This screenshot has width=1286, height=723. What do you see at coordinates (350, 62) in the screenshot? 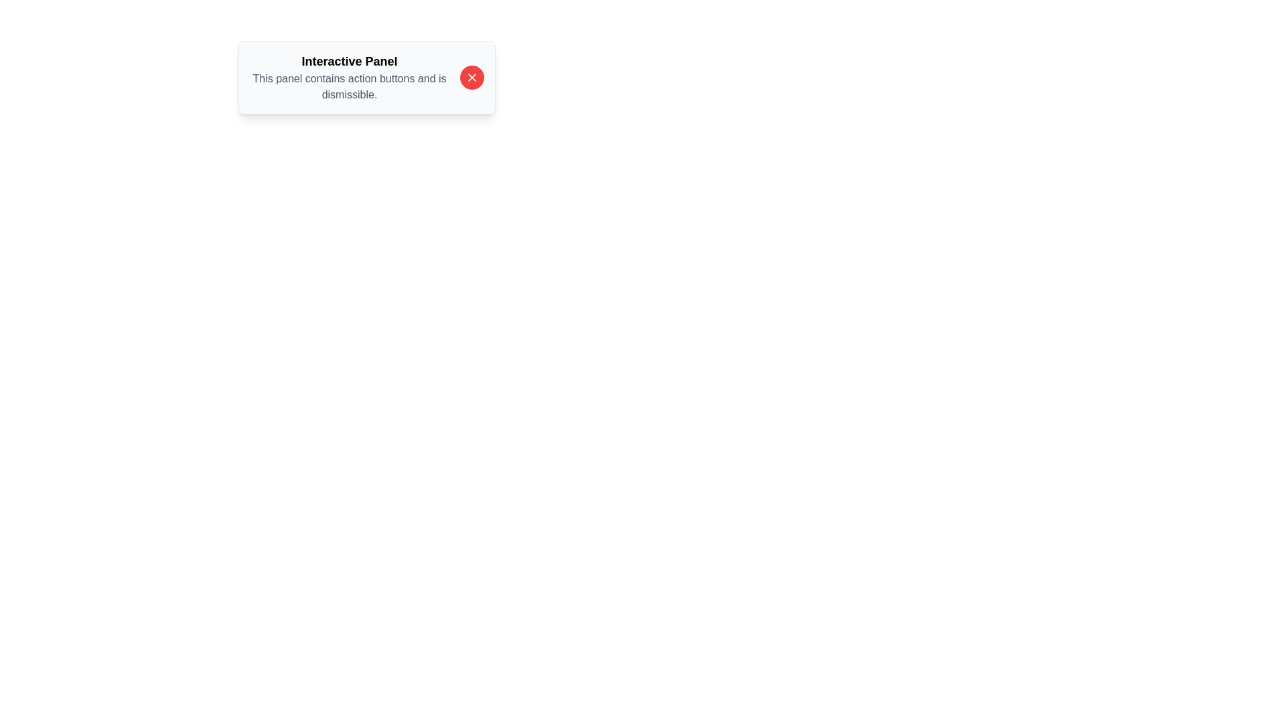
I see `text content of the heading label located at the top of the panel, which serves as the title indicating the panel's purpose` at bounding box center [350, 62].